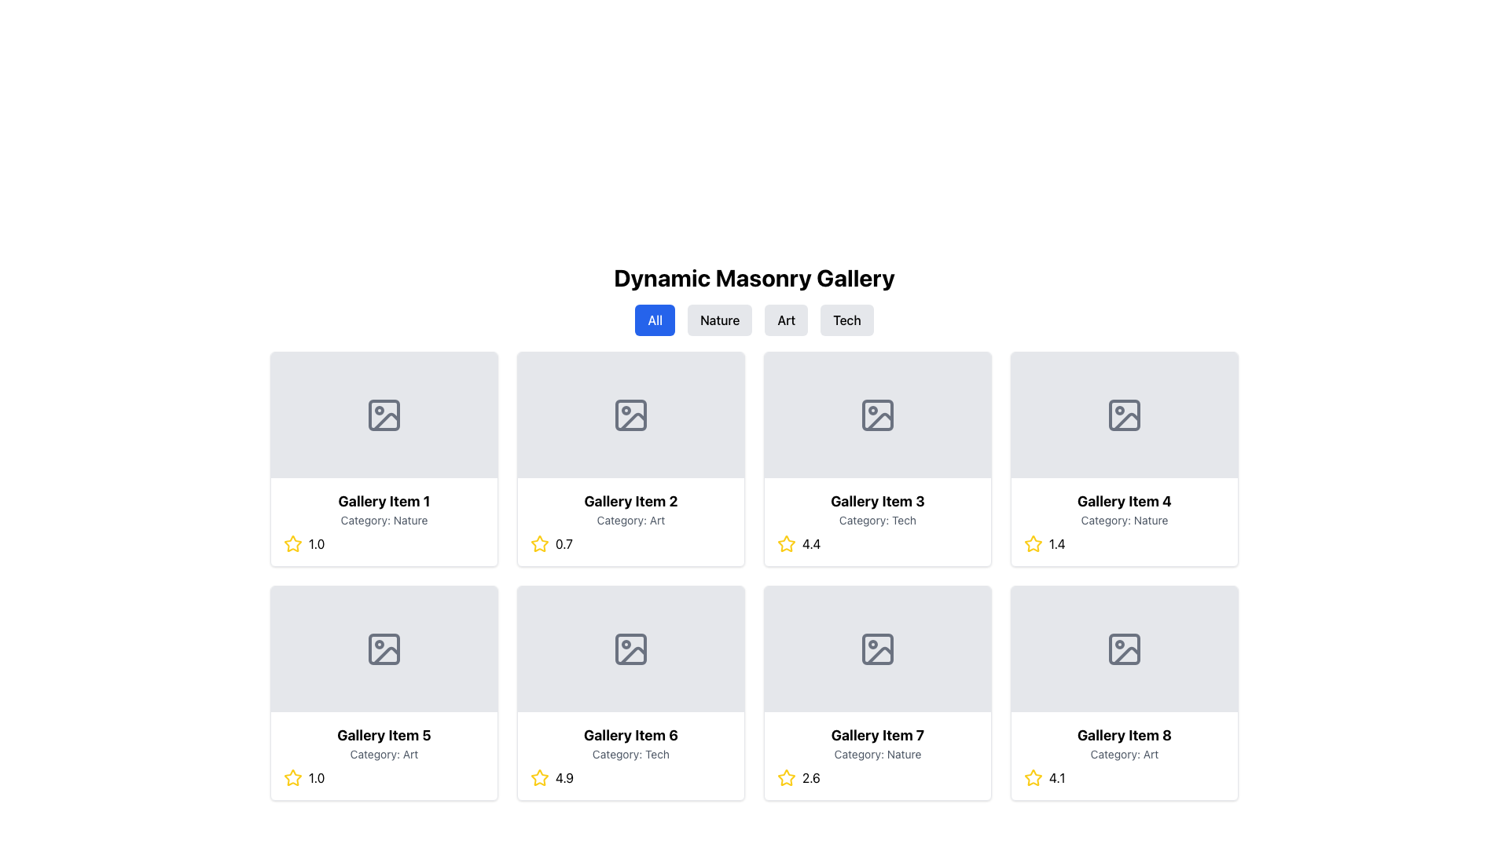 Image resolution: width=1509 pixels, height=848 pixels. Describe the element at coordinates (754, 320) in the screenshot. I see `the horizontal button group located below the title 'Dynamic Masonry Gallery' to filter gallery items by categories: 'All', 'Nature', 'Art', and 'Tech'` at that location.